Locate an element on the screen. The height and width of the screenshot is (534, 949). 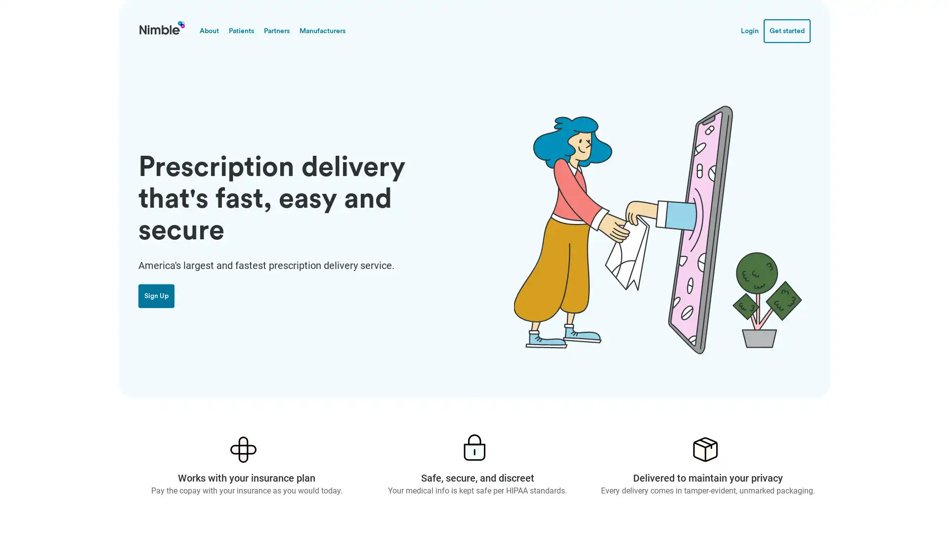
Partners is located at coordinates (277, 30).